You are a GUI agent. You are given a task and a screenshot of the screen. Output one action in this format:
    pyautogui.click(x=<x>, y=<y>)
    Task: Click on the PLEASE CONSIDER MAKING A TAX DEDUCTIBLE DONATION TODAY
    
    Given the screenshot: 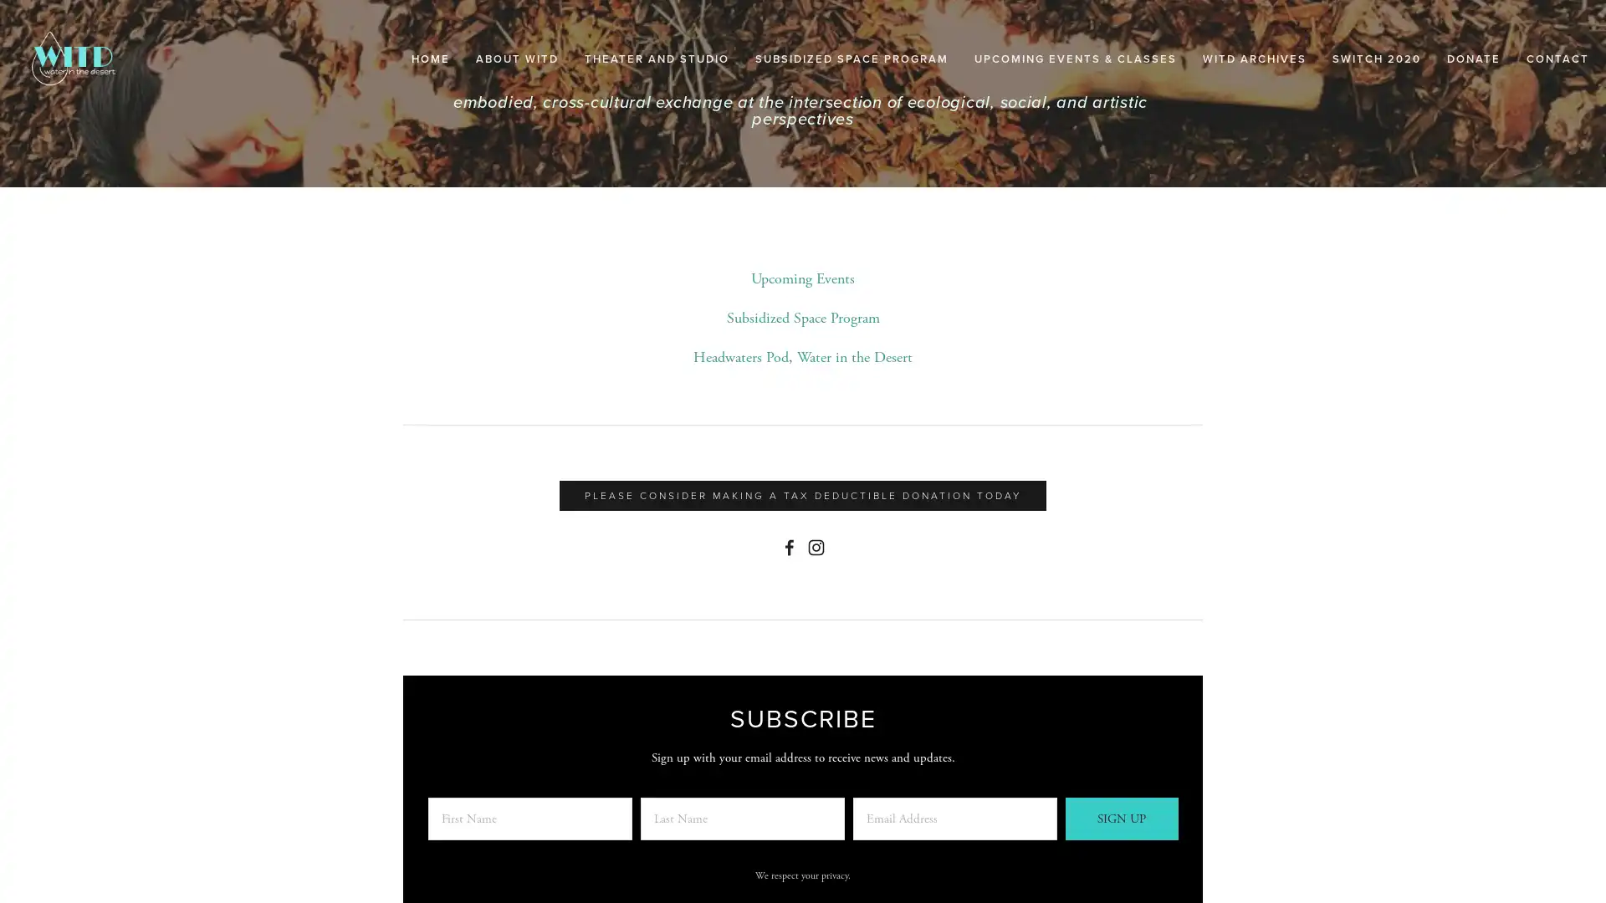 What is the action you would take?
    pyautogui.click(x=803, y=495)
    